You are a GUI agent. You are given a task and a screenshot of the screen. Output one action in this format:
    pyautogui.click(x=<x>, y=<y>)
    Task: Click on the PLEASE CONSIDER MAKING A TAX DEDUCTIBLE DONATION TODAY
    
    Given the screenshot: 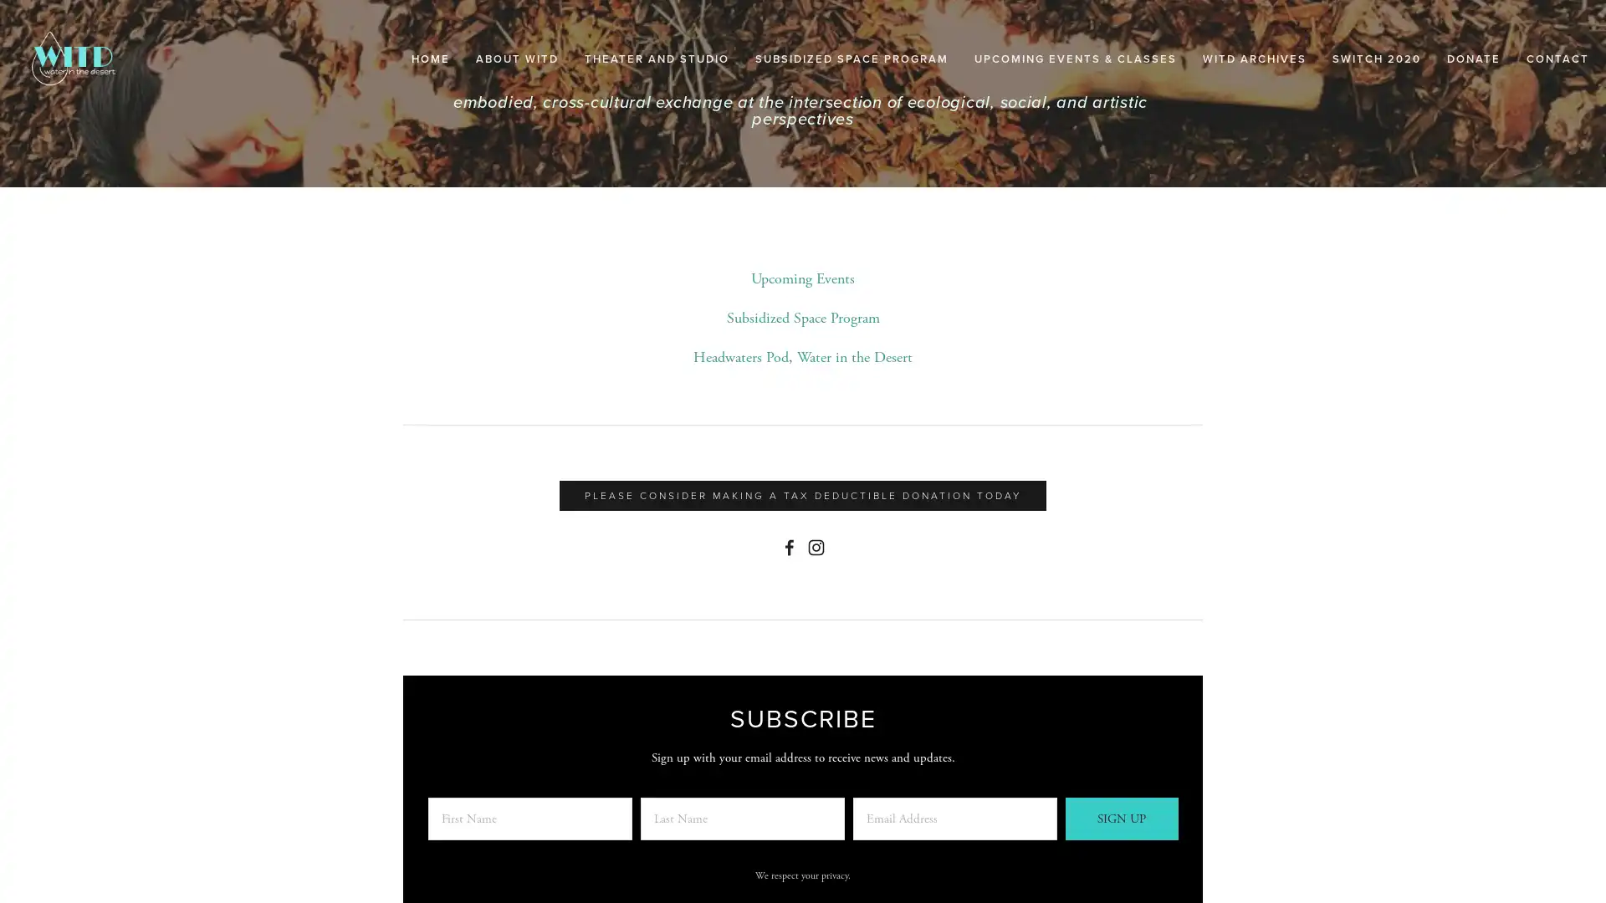 What is the action you would take?
    pyautogui.click(x=803, y=495)
    